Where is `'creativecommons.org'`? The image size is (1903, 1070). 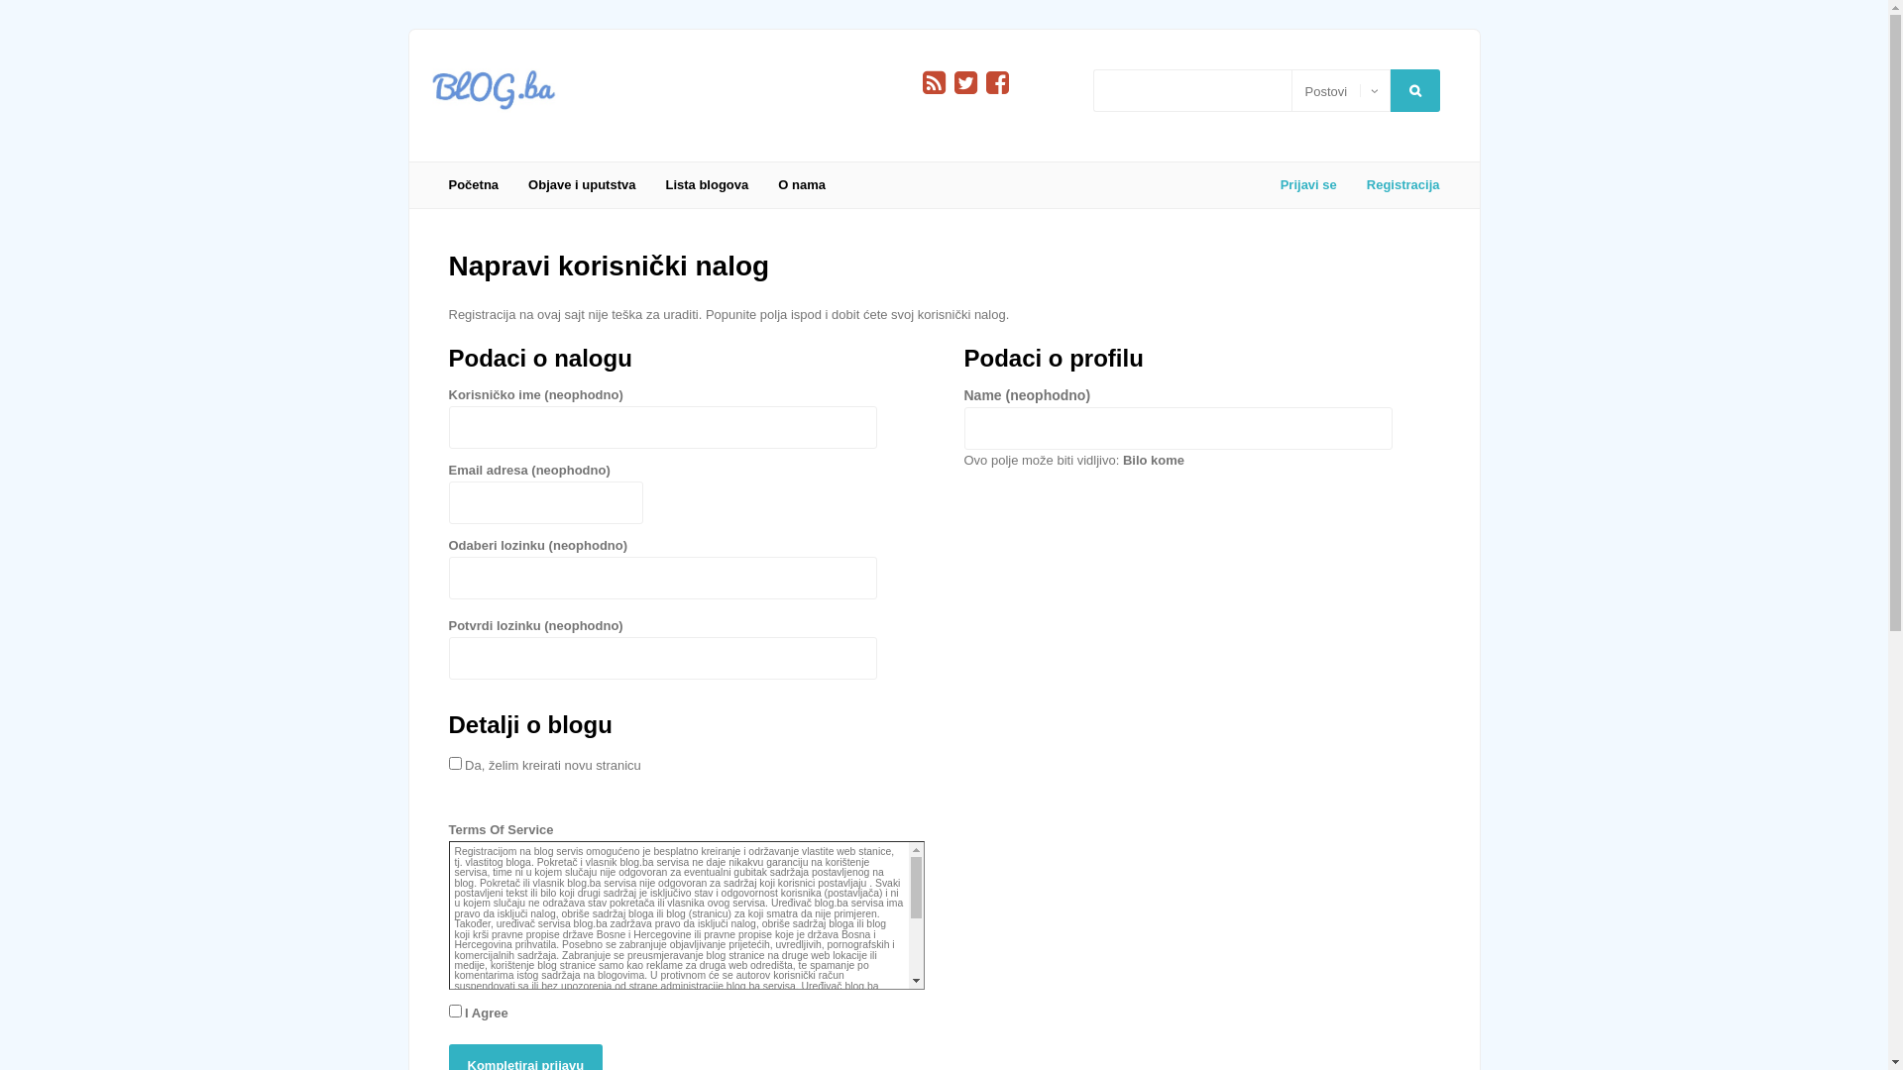 'creativecommons.org' is located at coordinates (503, 1036).